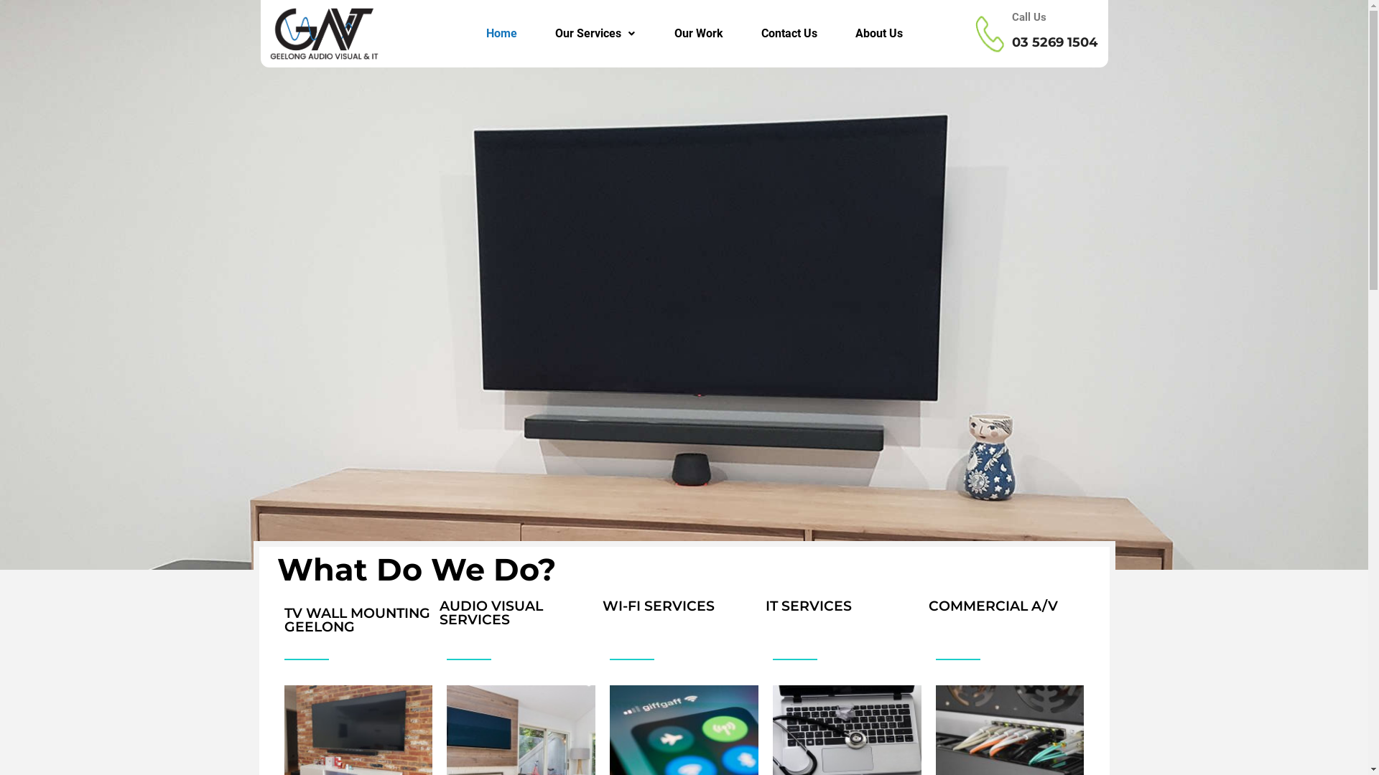 Image resolution: width=1379 pixels, height=775 pixels. Describe the element at coordinates (764, 606) in the screenshot. I see `'IT SERVICES'` at that location.